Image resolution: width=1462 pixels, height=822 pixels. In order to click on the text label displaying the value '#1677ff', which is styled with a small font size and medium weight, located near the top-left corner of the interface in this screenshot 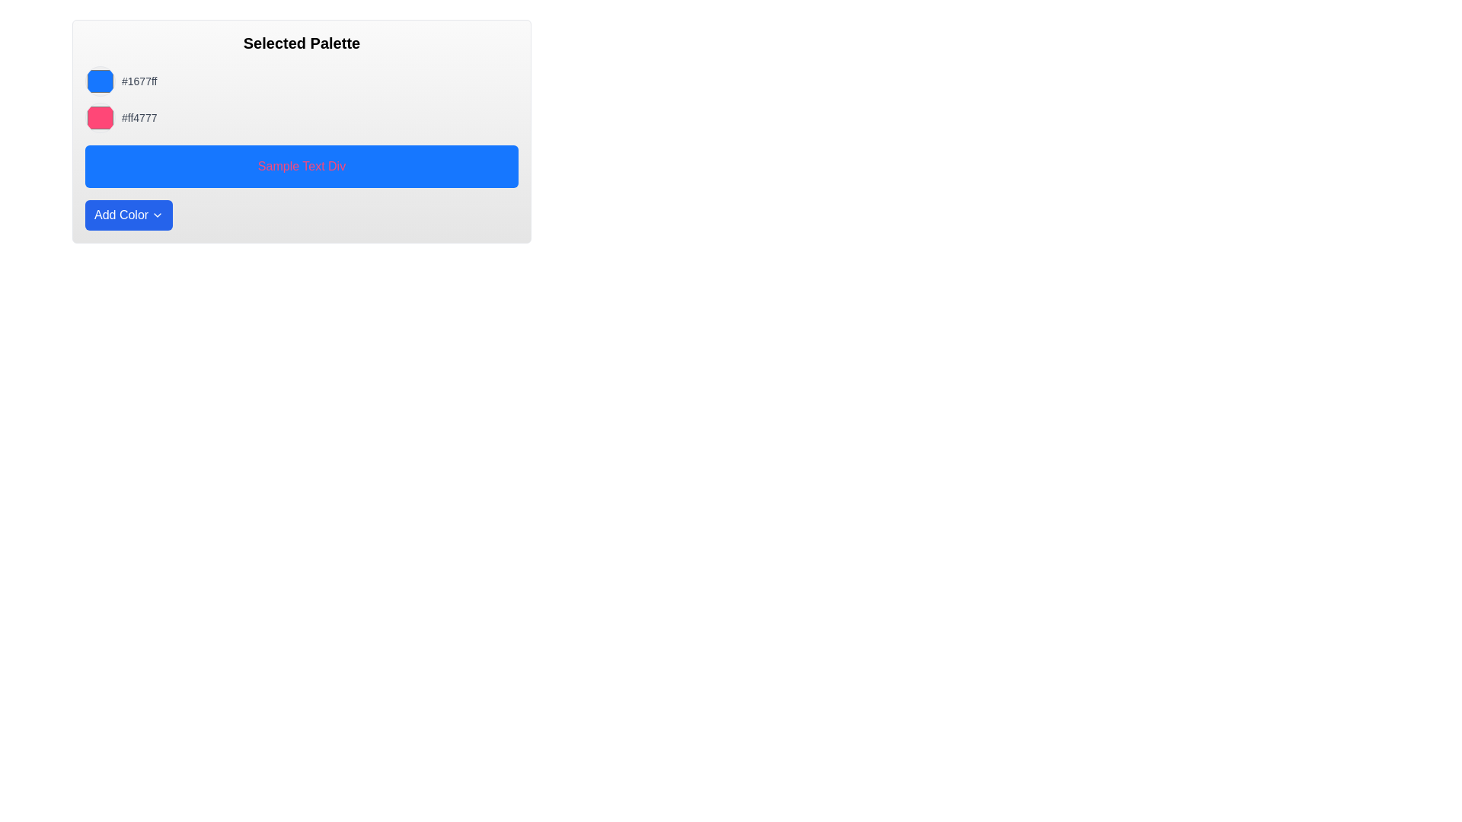, I will do `click(139, 81)`.